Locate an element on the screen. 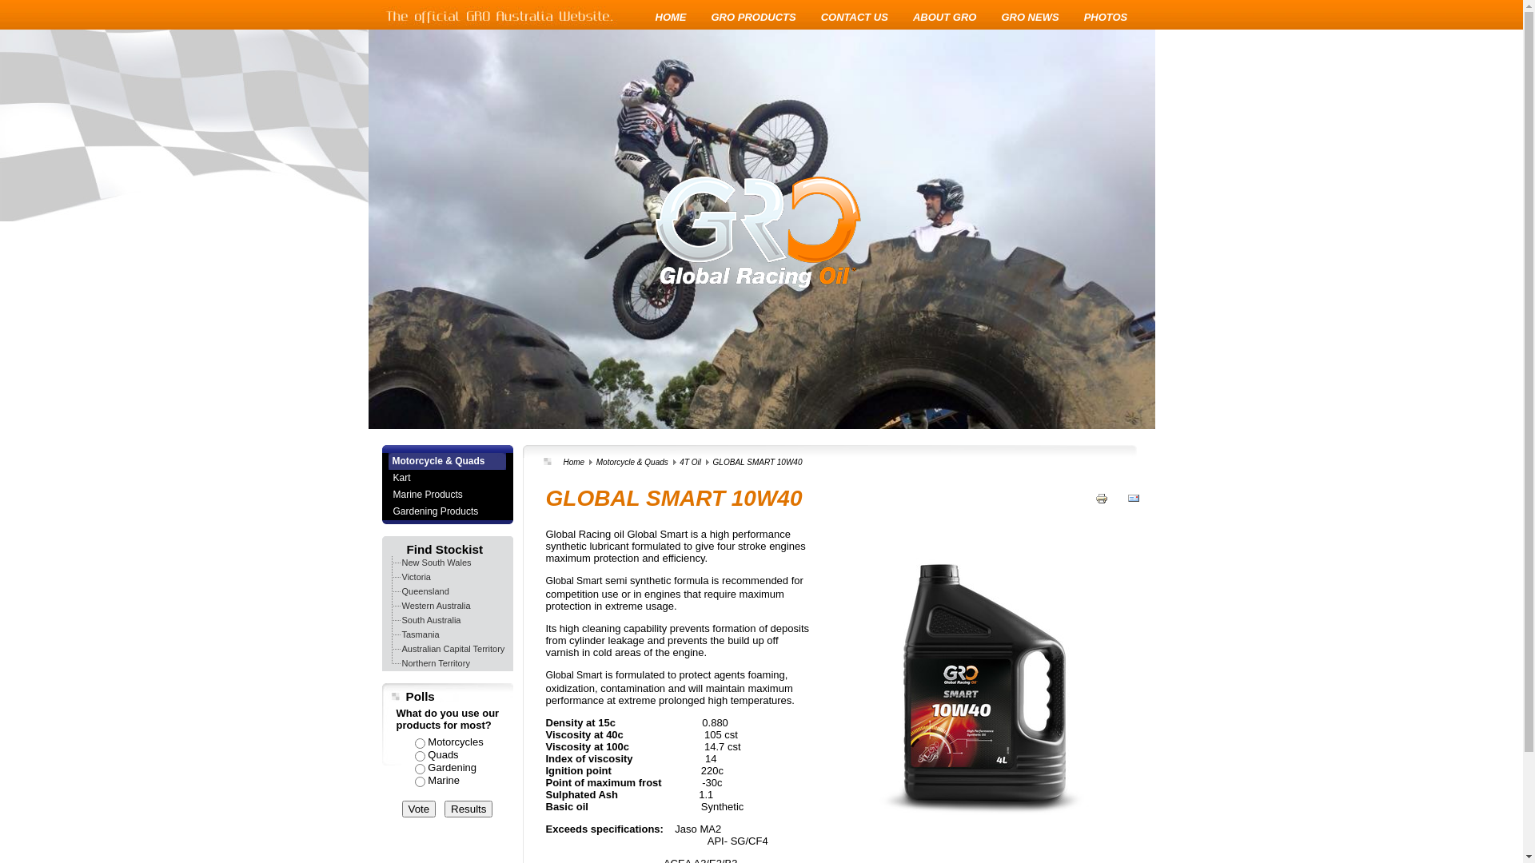 This screenshot has width=1535, height=863. 'South Australia' is located at coordinates (399, 618).